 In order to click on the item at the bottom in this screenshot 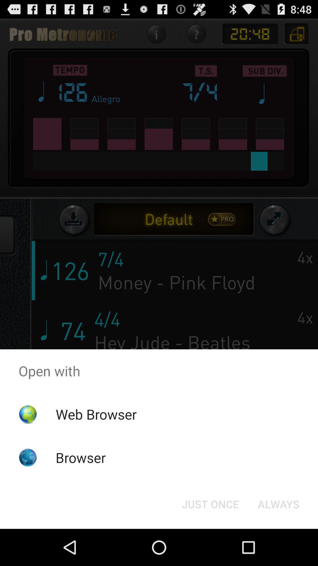, I will do `click(210, 504)`.